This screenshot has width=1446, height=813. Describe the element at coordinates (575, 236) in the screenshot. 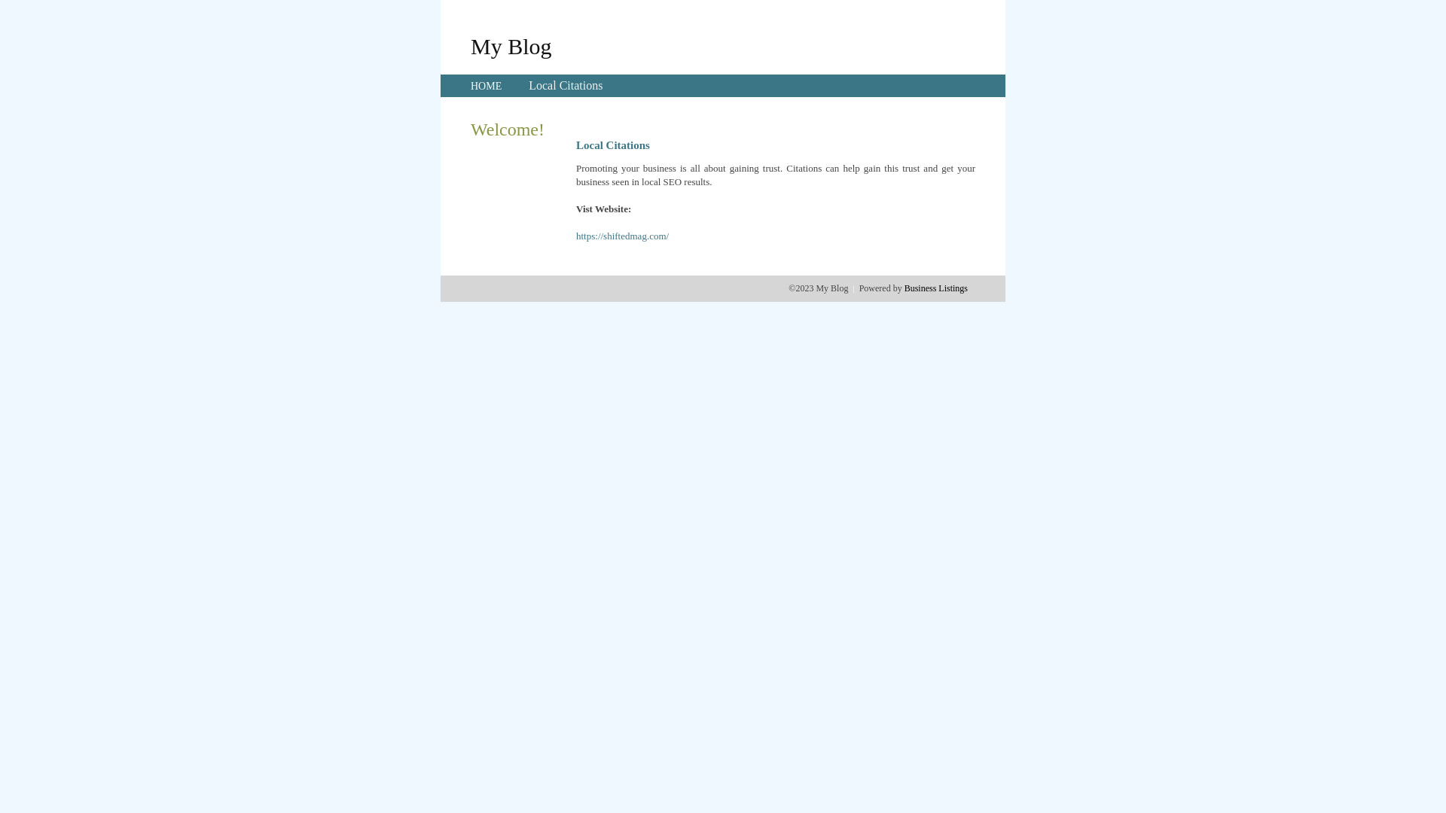

I see `'https://shiftedmag.com/'` at that location.